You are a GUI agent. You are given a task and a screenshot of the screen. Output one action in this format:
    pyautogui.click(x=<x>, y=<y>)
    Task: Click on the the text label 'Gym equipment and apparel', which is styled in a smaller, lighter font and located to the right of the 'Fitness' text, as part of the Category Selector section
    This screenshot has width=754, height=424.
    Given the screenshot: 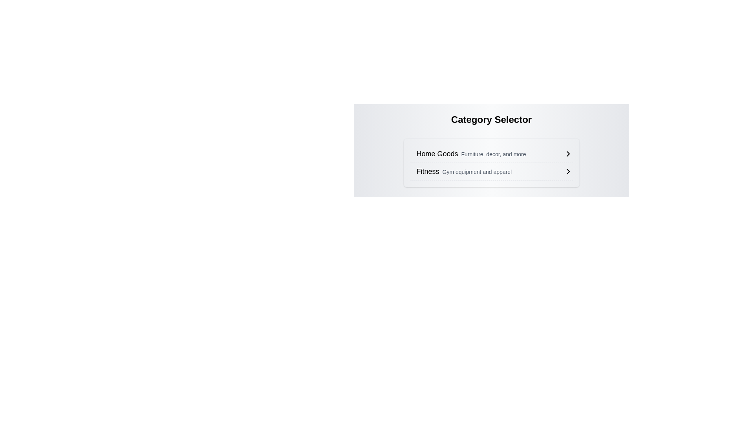 What is the action you would take?
    pyautogui.click(x=476, y=172)
    